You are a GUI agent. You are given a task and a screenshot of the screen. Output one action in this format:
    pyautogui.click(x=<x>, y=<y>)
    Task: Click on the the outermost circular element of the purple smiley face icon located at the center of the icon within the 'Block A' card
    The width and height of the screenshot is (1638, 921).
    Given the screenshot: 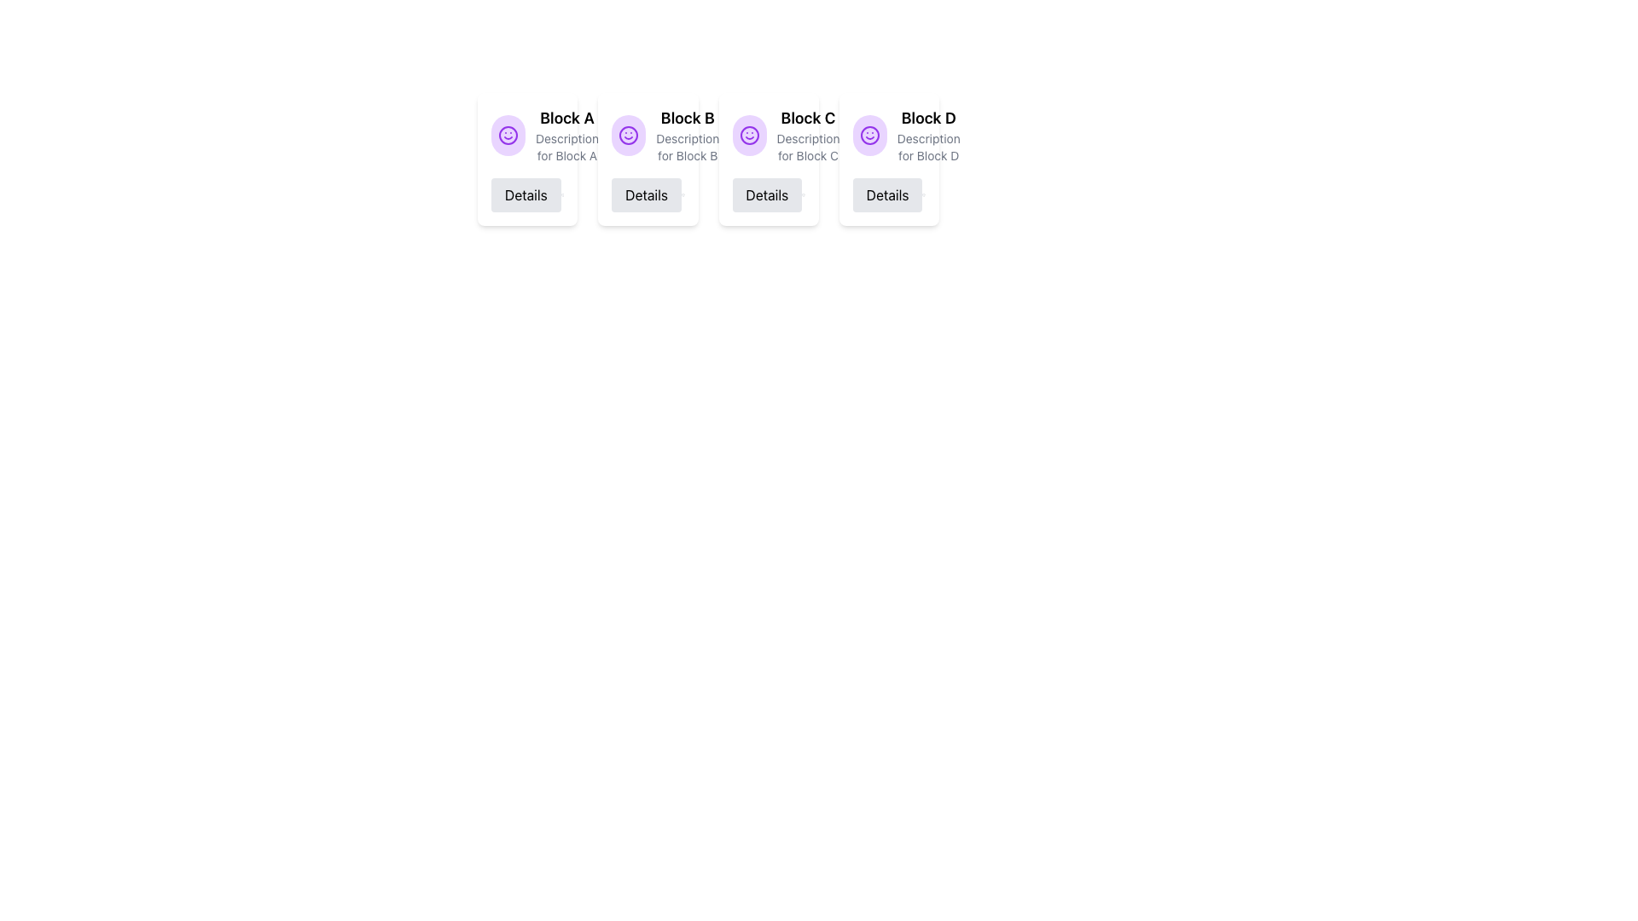 What is the action you would take?
    pyautogui.click(x=869, y=134)
    